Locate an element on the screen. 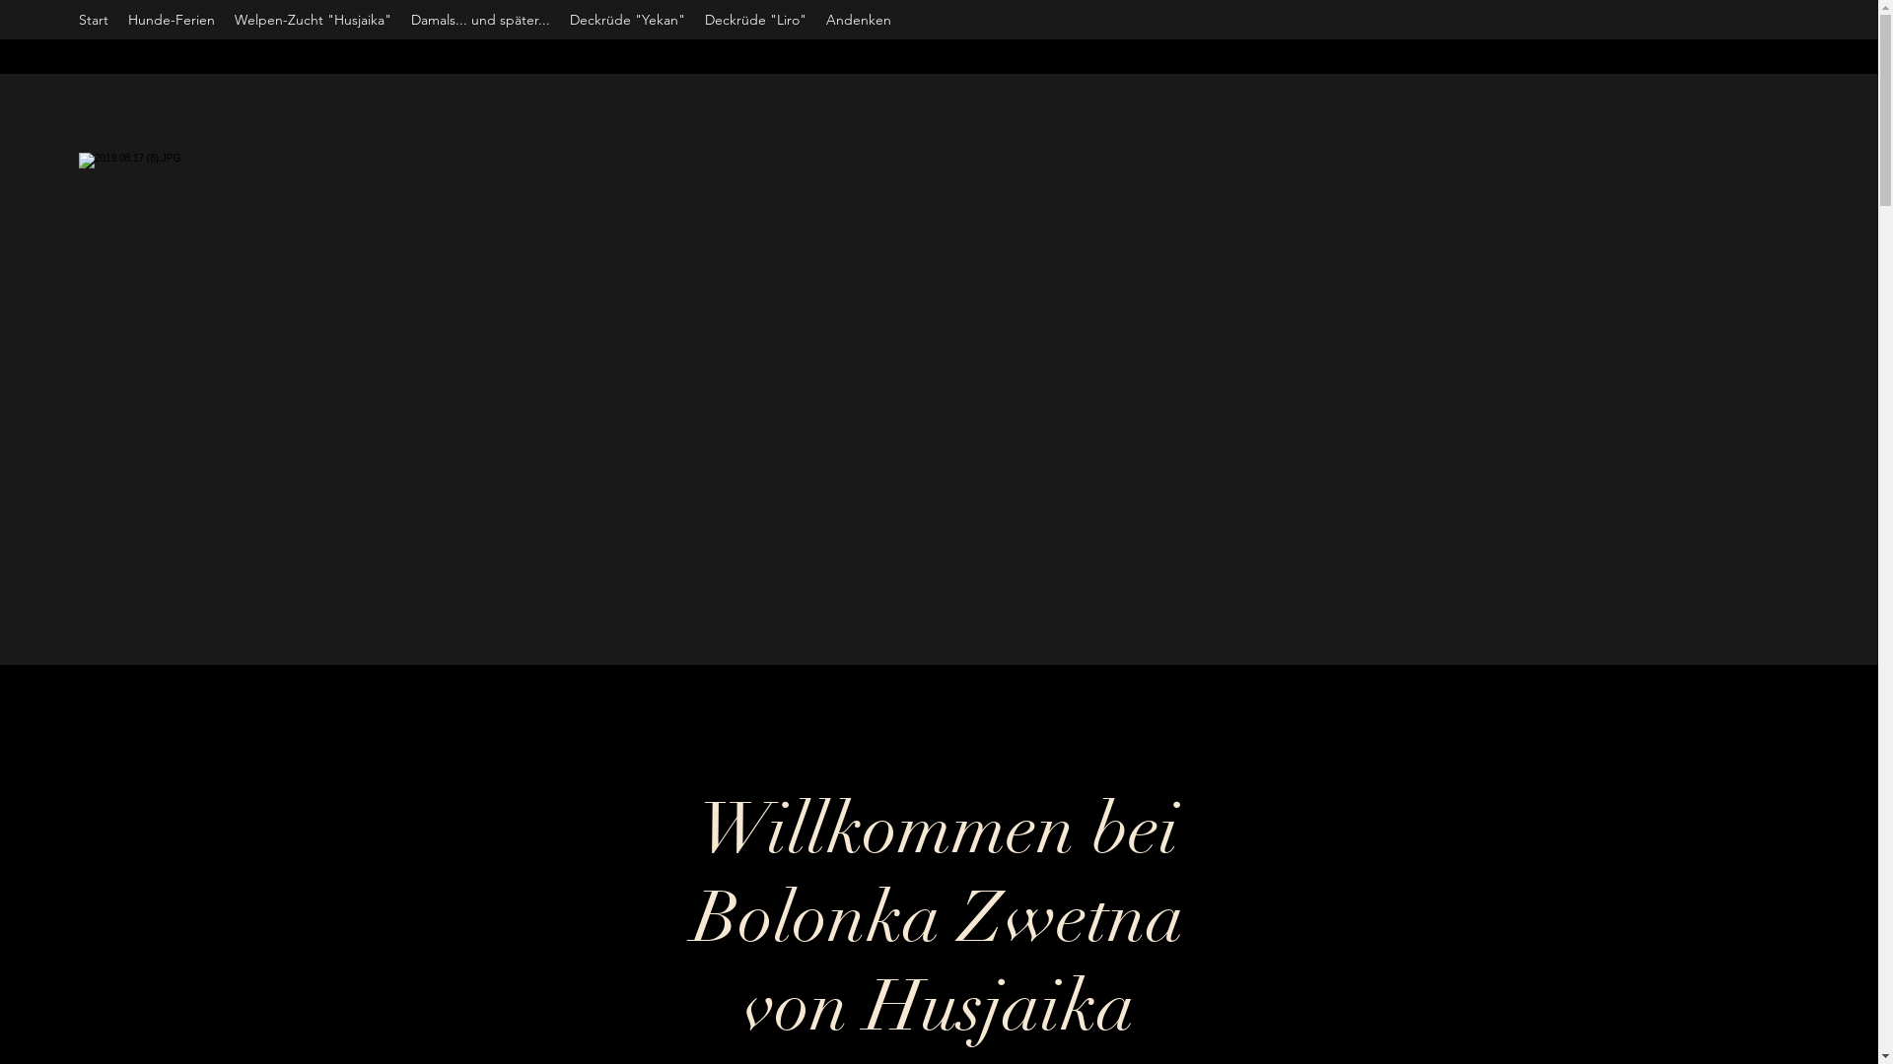  'Andenken' is located at coordinates (858, 19).